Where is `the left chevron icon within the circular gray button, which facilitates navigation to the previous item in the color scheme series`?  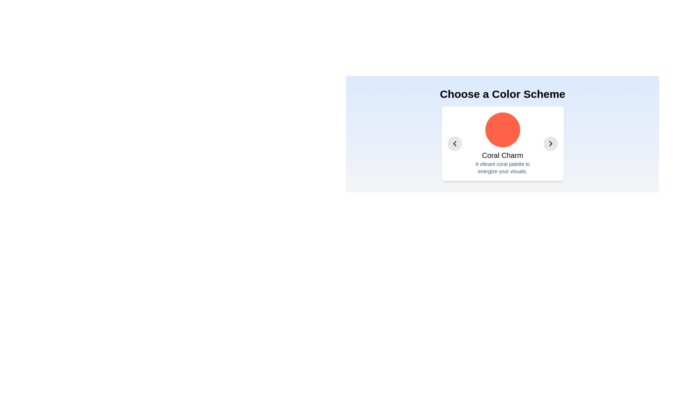
the left chevron icon within the circular gray button, which facilitates navigation to the previous item in the color scheme series is located at coordinates (454, 143).